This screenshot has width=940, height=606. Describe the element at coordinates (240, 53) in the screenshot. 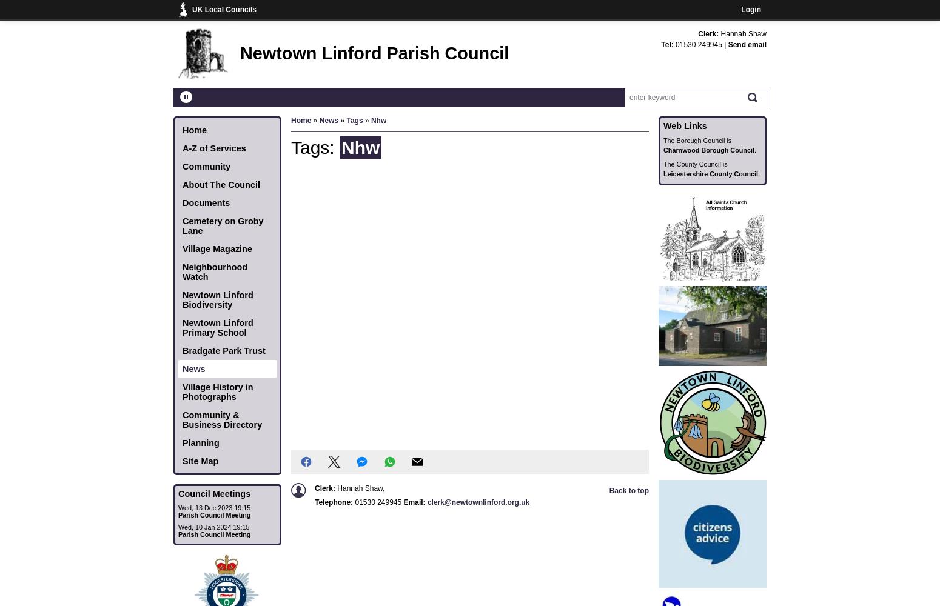

I see `'Newtown Linford Parish Council'` at that location.